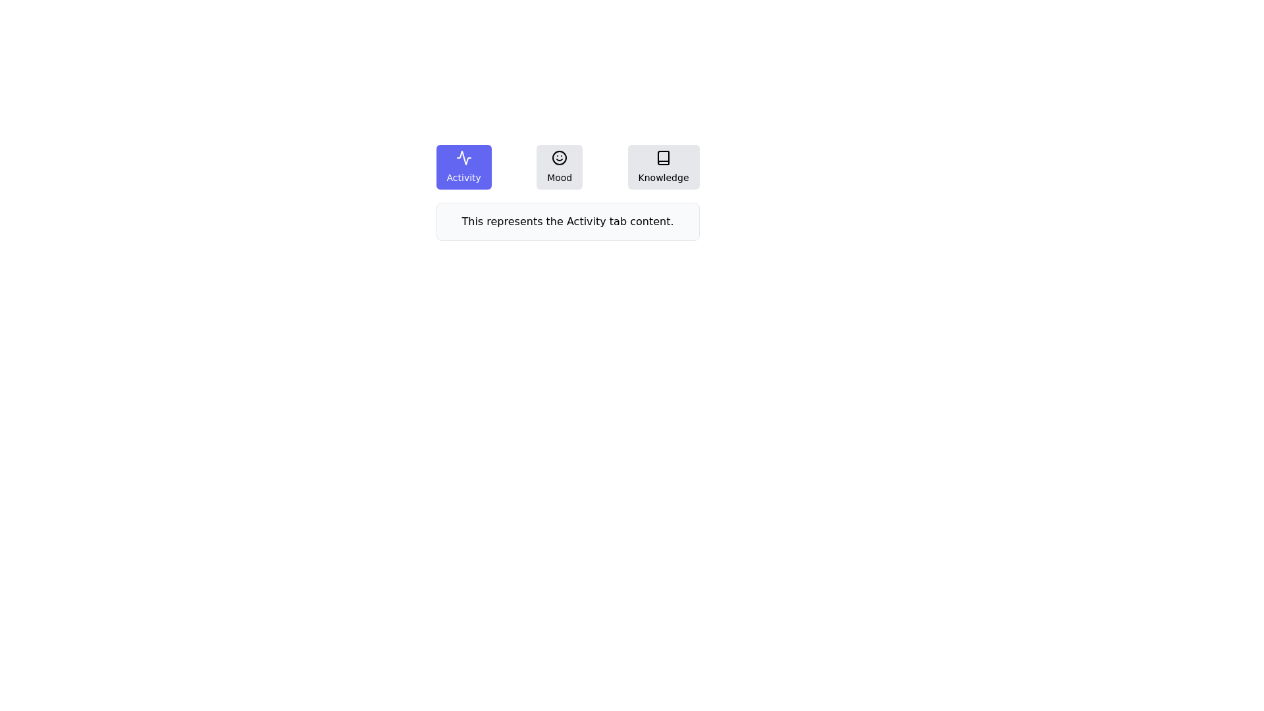  Describe the element at coordinates (567, 167) in the screenshot. I see `the 'Mood' button, which is the middle segment in a horizontal layout with a smiling face icon and a light gray background` at that location.